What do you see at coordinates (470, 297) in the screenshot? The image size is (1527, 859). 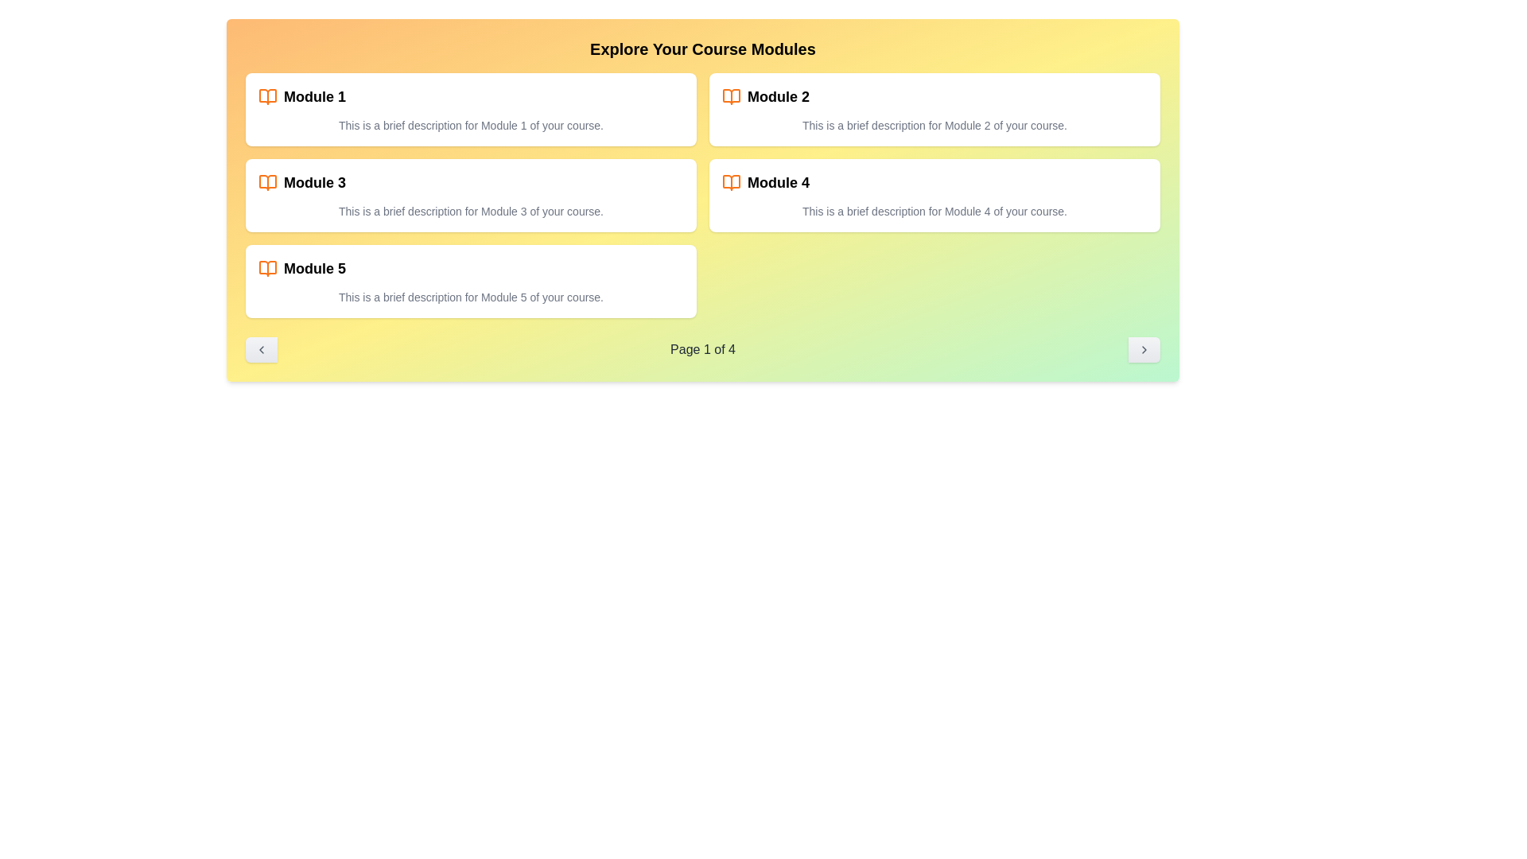 I see `text content displayed in the text component that shows 'This is a brief description for Module 5 of your course.'` at bounding box center [470, 297].